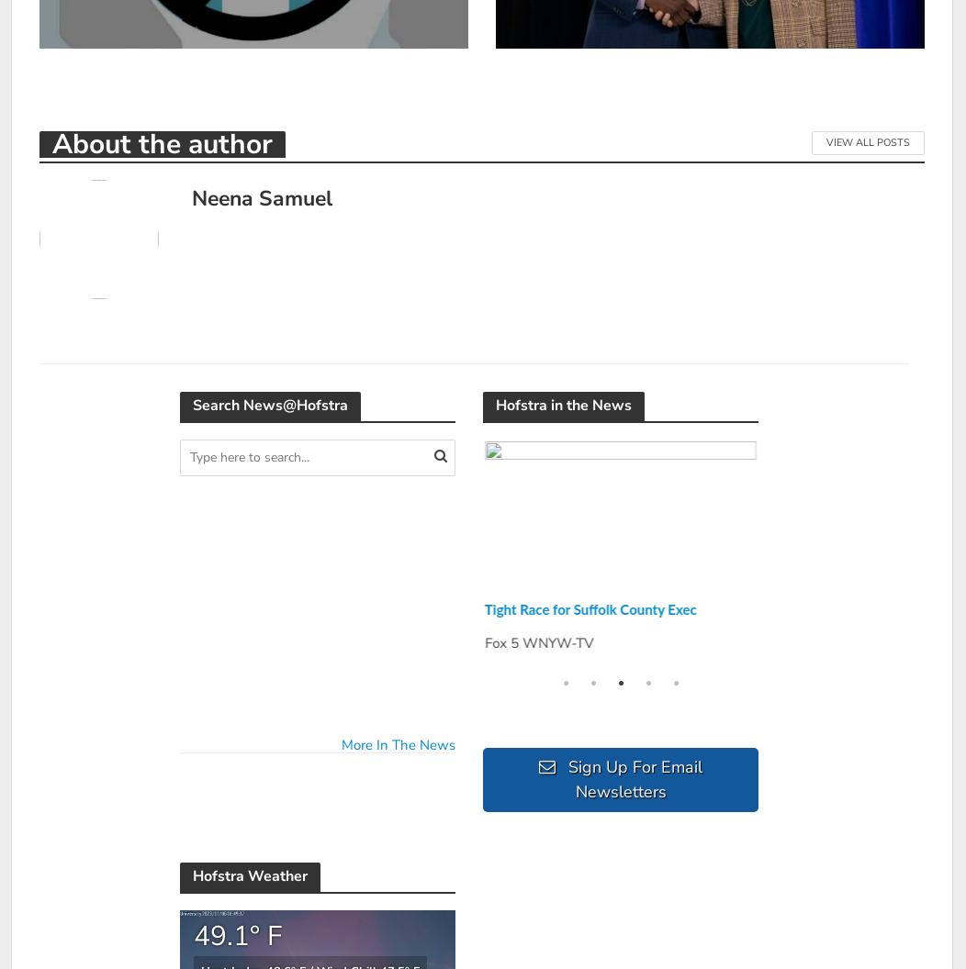  Describe the element at coordinates (564, 404) in the screenshot. I see `'Hofstra in the News'` at that location.